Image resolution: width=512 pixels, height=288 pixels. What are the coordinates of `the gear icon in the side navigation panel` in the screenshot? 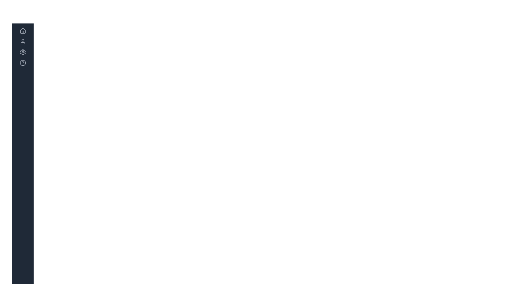 It's located at (23, 52).